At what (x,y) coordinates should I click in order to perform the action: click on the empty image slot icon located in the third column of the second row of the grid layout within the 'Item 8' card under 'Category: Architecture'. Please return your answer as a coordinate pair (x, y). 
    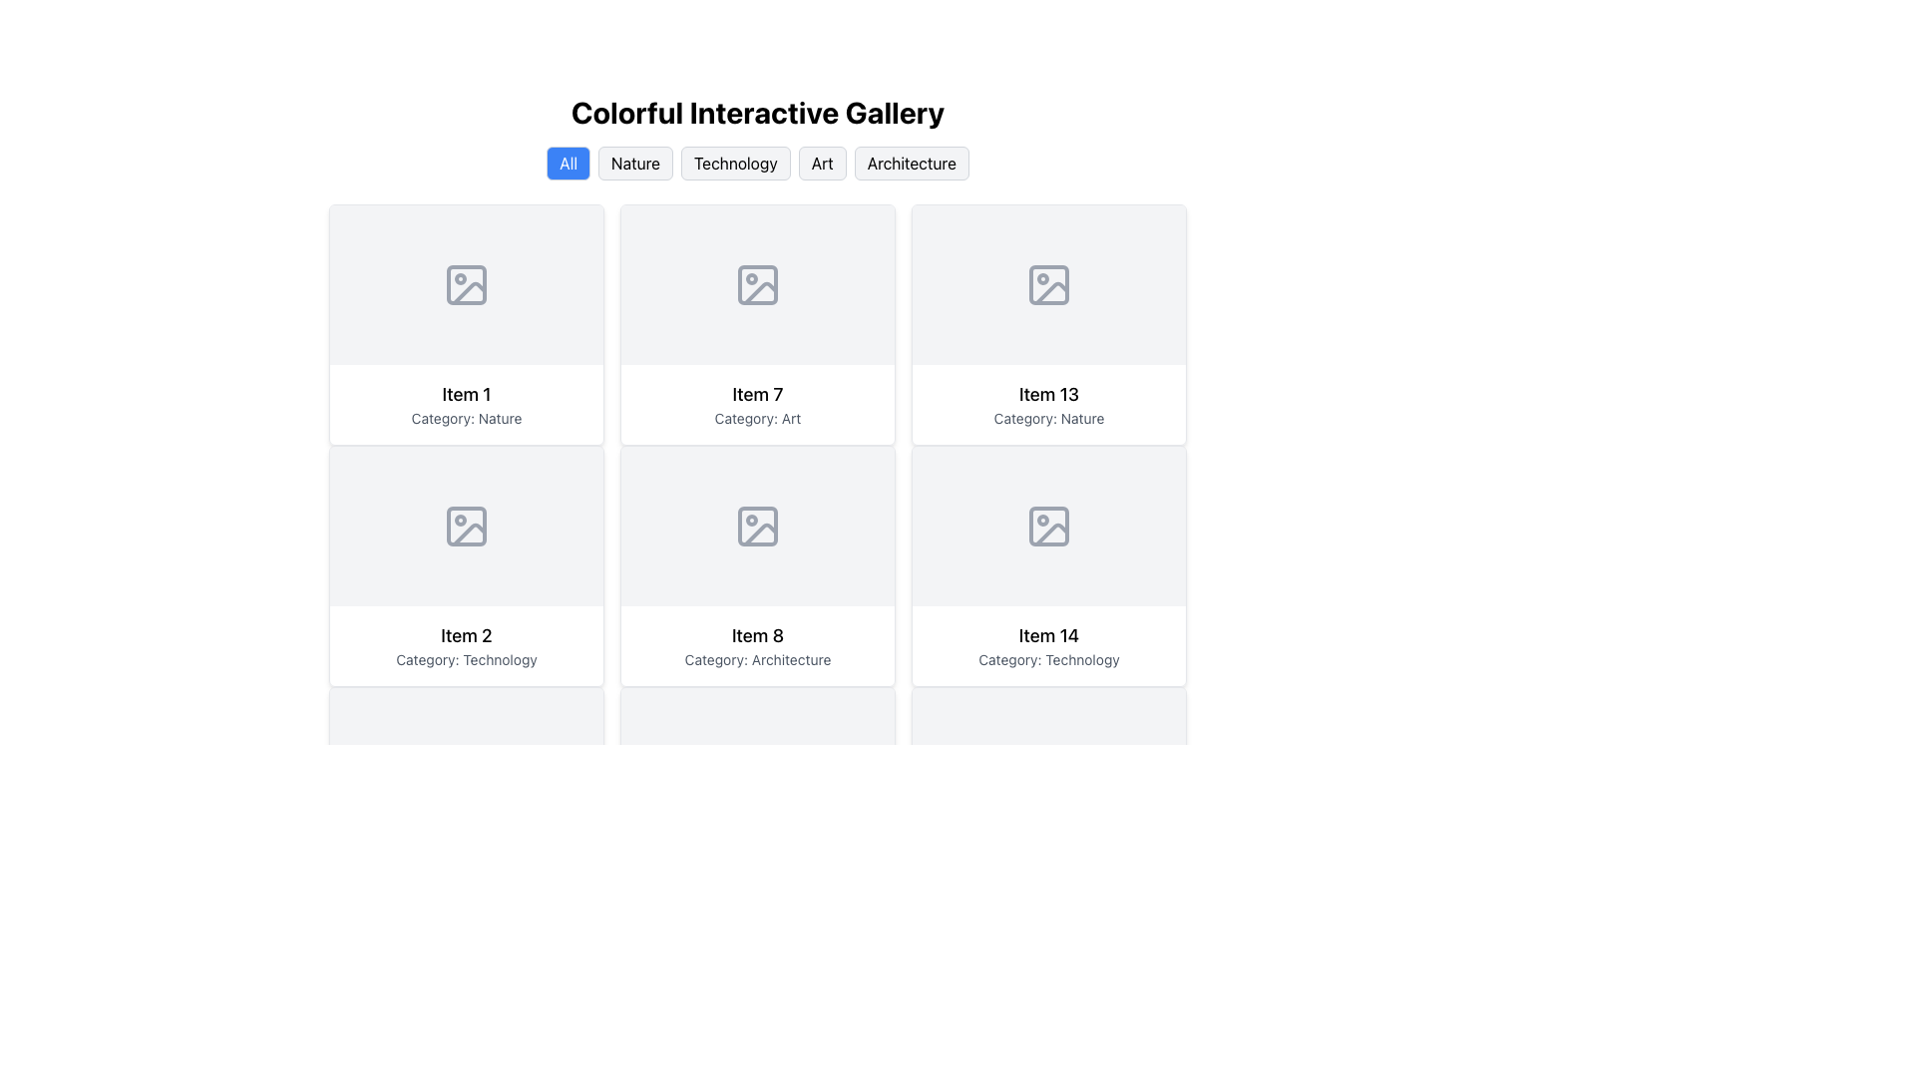
    Looking at the image, I should click on (756, 526).